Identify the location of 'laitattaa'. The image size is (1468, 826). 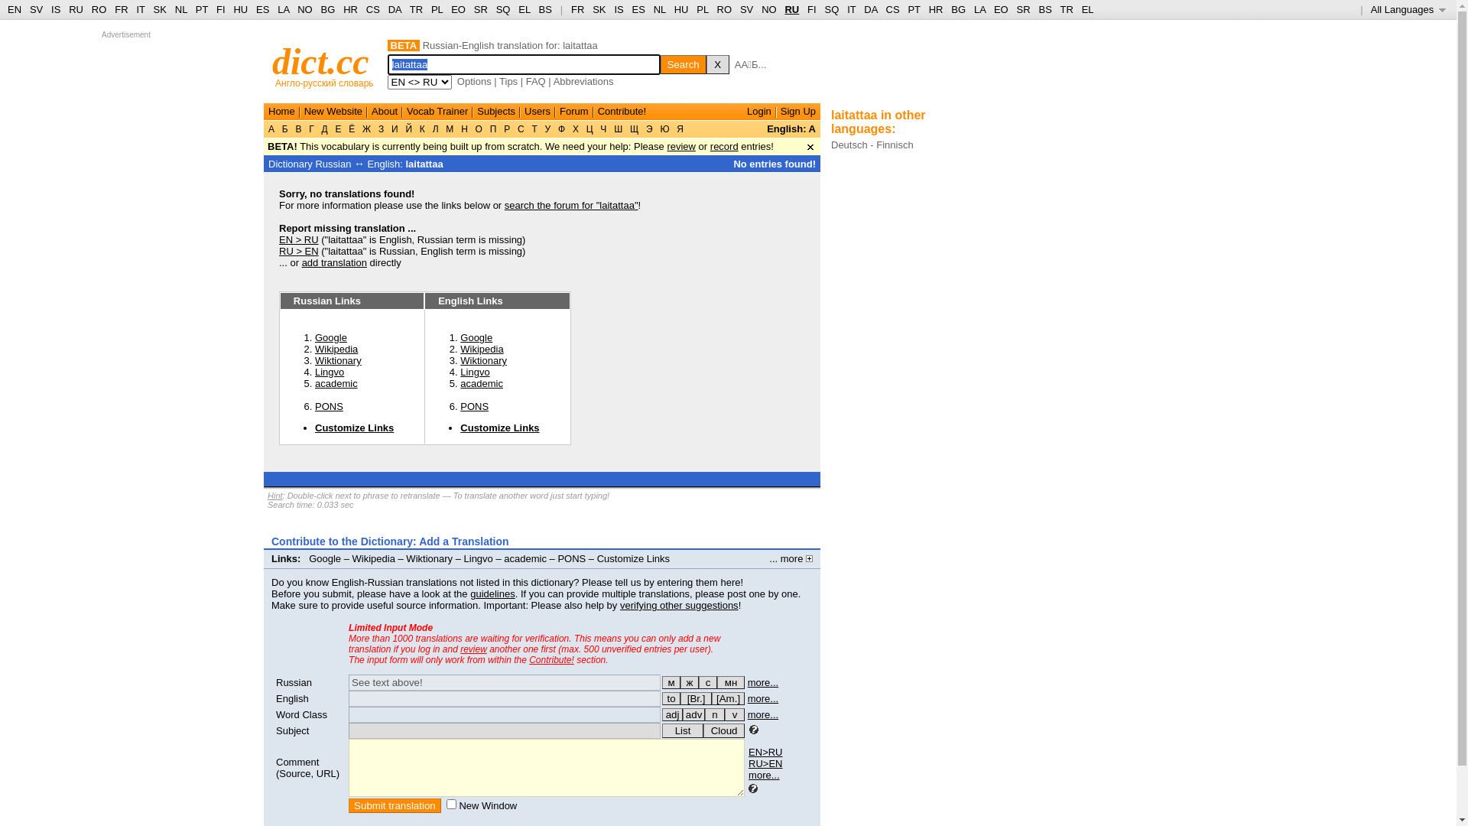
(424, 164).